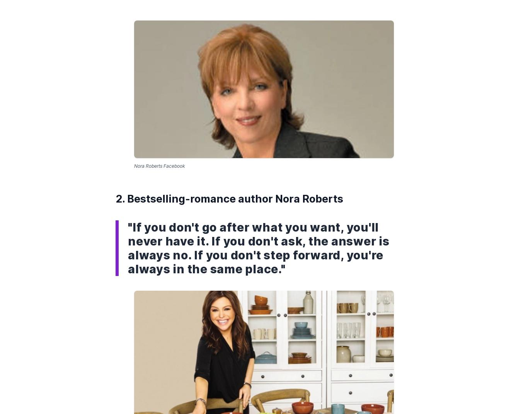 This screenshot has width=528, height=414. Describe the element at coordinates (139, 222) in the screenshot. I see `'Copyright © 2023 Entrepreneur Media, LLC All rights reserved. Entrepreneur® and its related marks are registered trademarks of Entrepreneur Media LLC'` at that location.